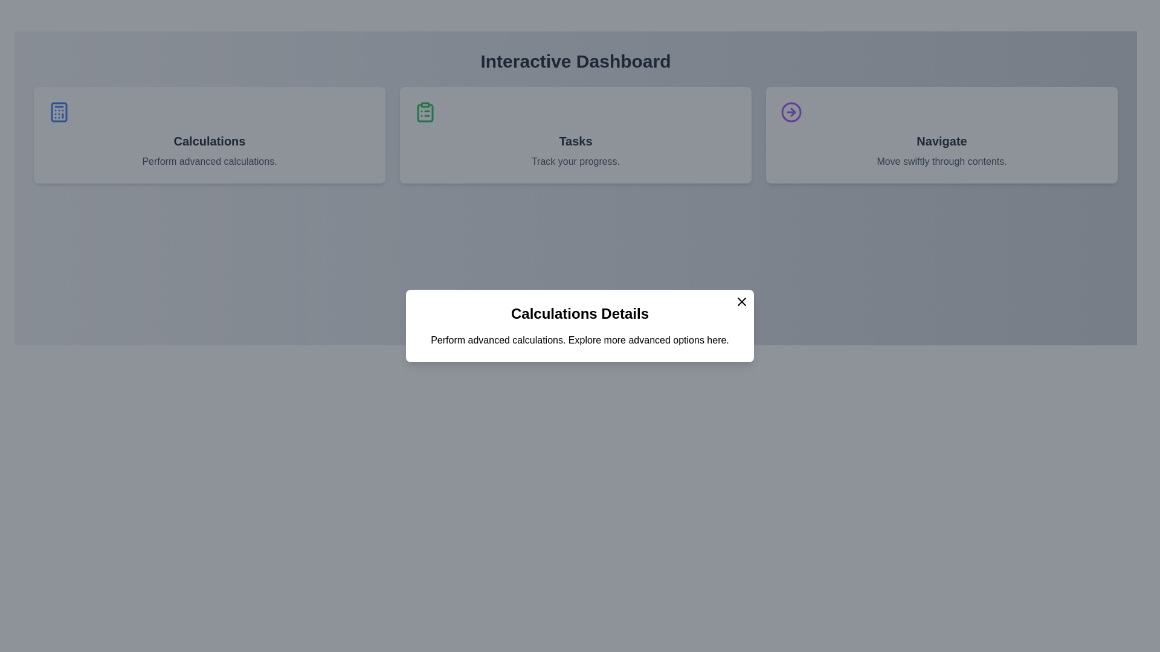 Image resolution: width=1160 pixels, height=652 pixels. What do you see at coordinates (575, 141) in the screenshot?
I see `title 'Tasks' which is displayed in bold, extra-large font on a grayish-black background within the second card of three, located at the center of the upper-middle portion of the card` at bounding box center [575, 141].